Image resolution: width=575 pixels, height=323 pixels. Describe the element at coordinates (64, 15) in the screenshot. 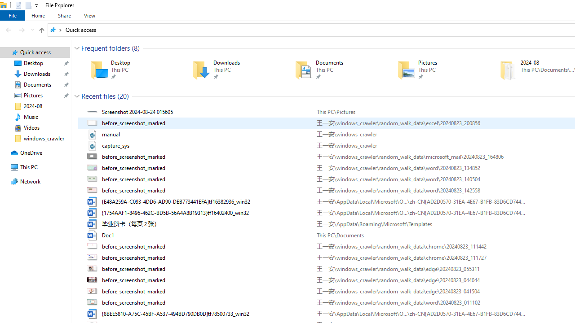

I see `'Share'` at that location.